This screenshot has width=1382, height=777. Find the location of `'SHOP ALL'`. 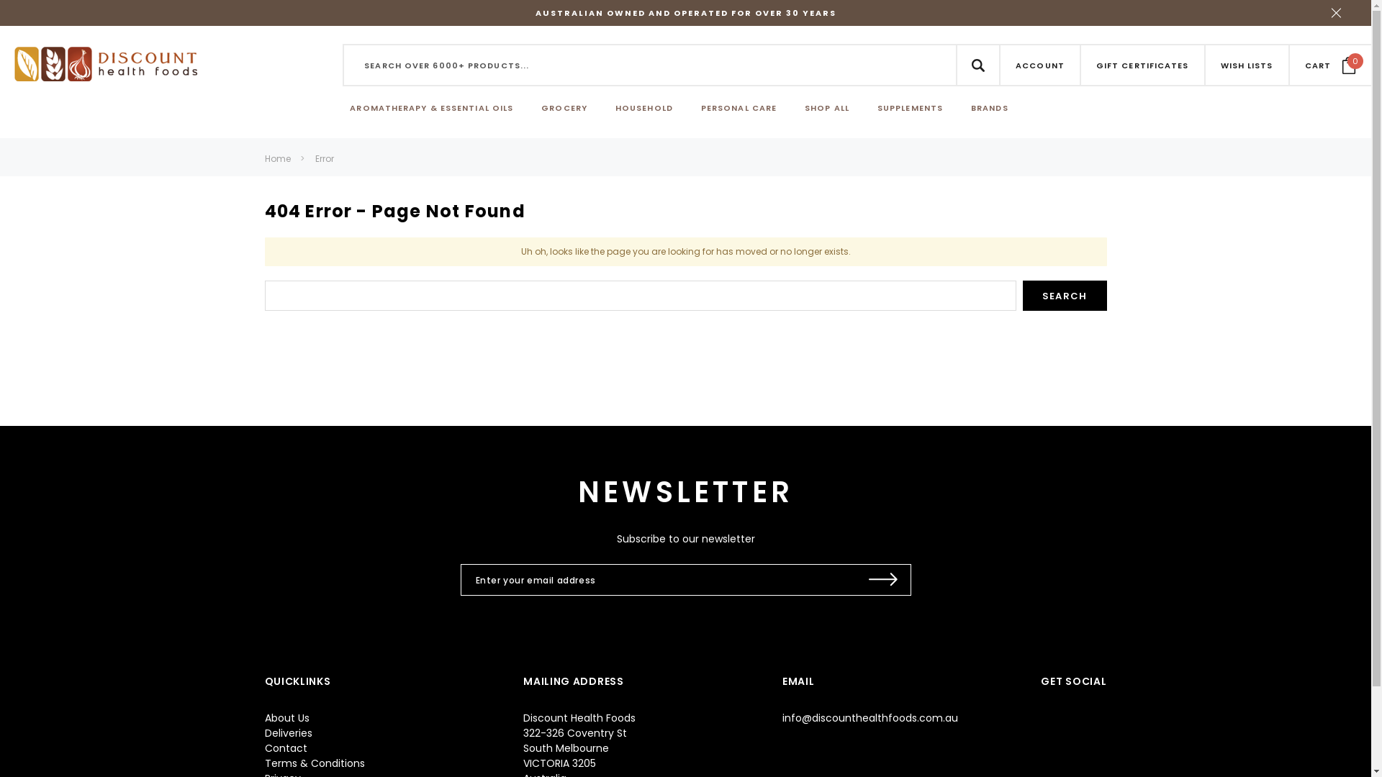

'SHOP ALL' is located at coordinates (826, 107).